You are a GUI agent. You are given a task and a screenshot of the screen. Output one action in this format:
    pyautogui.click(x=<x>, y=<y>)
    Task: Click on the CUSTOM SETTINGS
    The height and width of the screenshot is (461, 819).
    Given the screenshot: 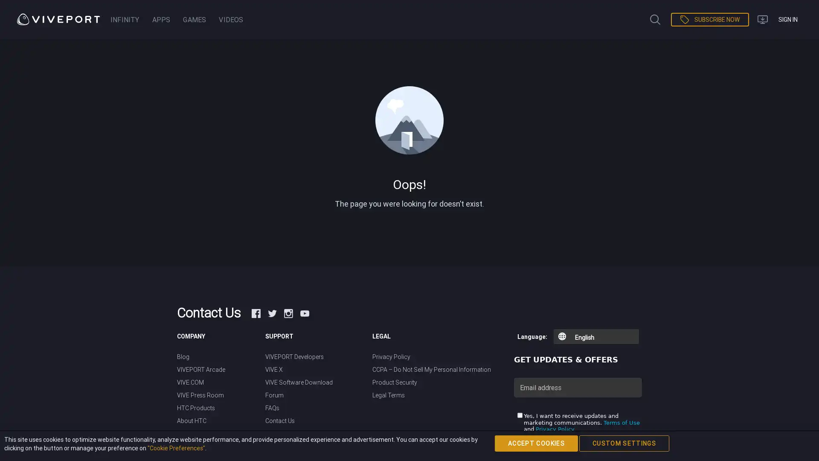 What is the action you would take?
    pyautogui.click(x=624, y=443)
    